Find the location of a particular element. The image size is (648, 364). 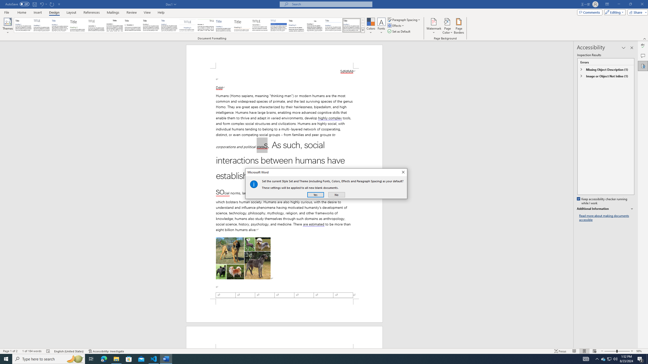

'AutomationID: QuickStylesSets' is located at coordinates (189, 25).